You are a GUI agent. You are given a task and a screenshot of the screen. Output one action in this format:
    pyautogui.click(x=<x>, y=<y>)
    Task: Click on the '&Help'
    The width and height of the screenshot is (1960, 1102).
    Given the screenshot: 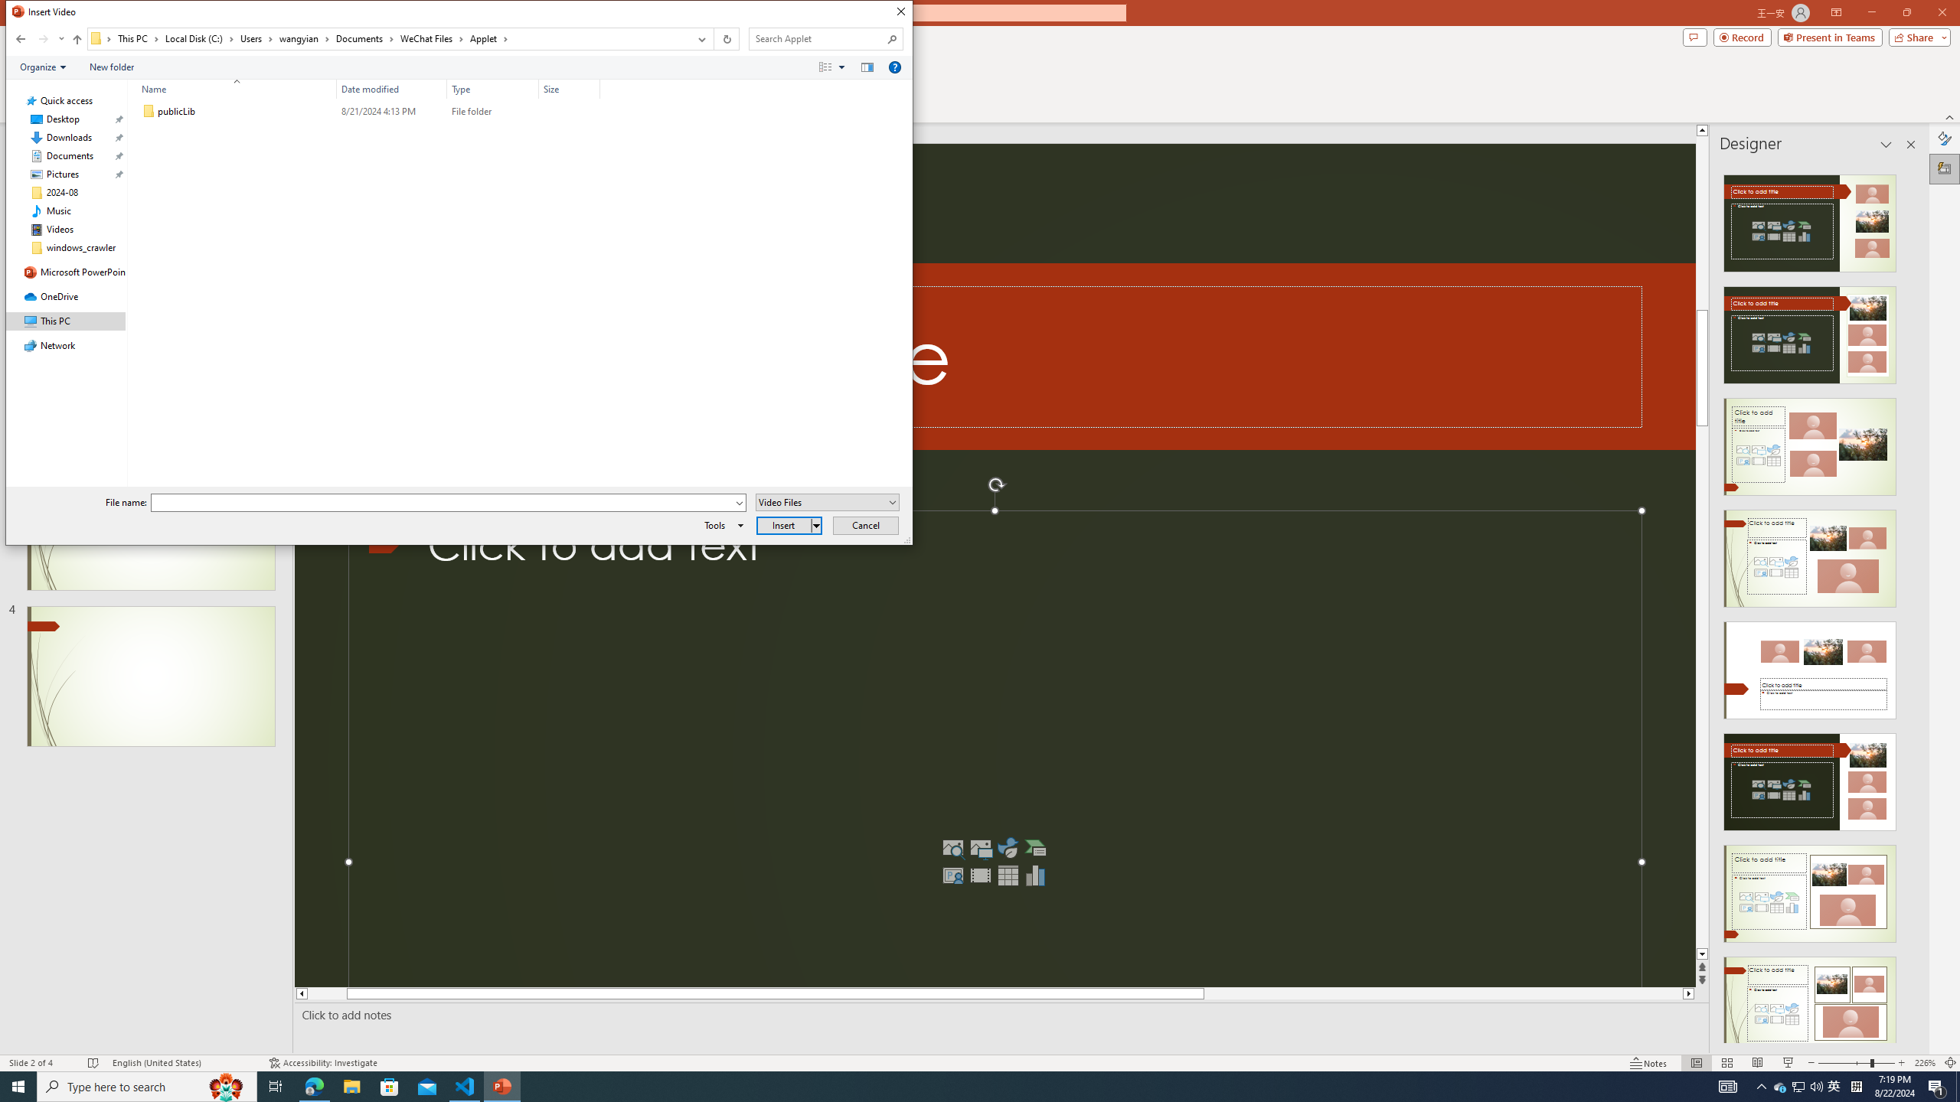 What is the action you would take?
    pyautogui.click(x=893, y=67)
    